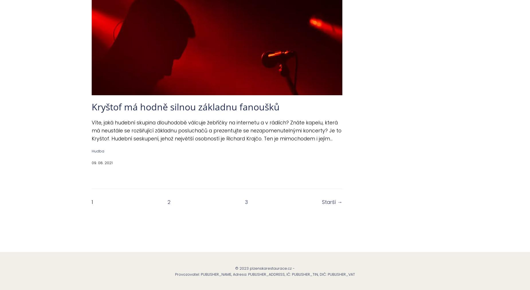  What do you see at coordinates (332, 202) in the screenshot?
I see `'Starší →'` at bounding box center [332, 202].